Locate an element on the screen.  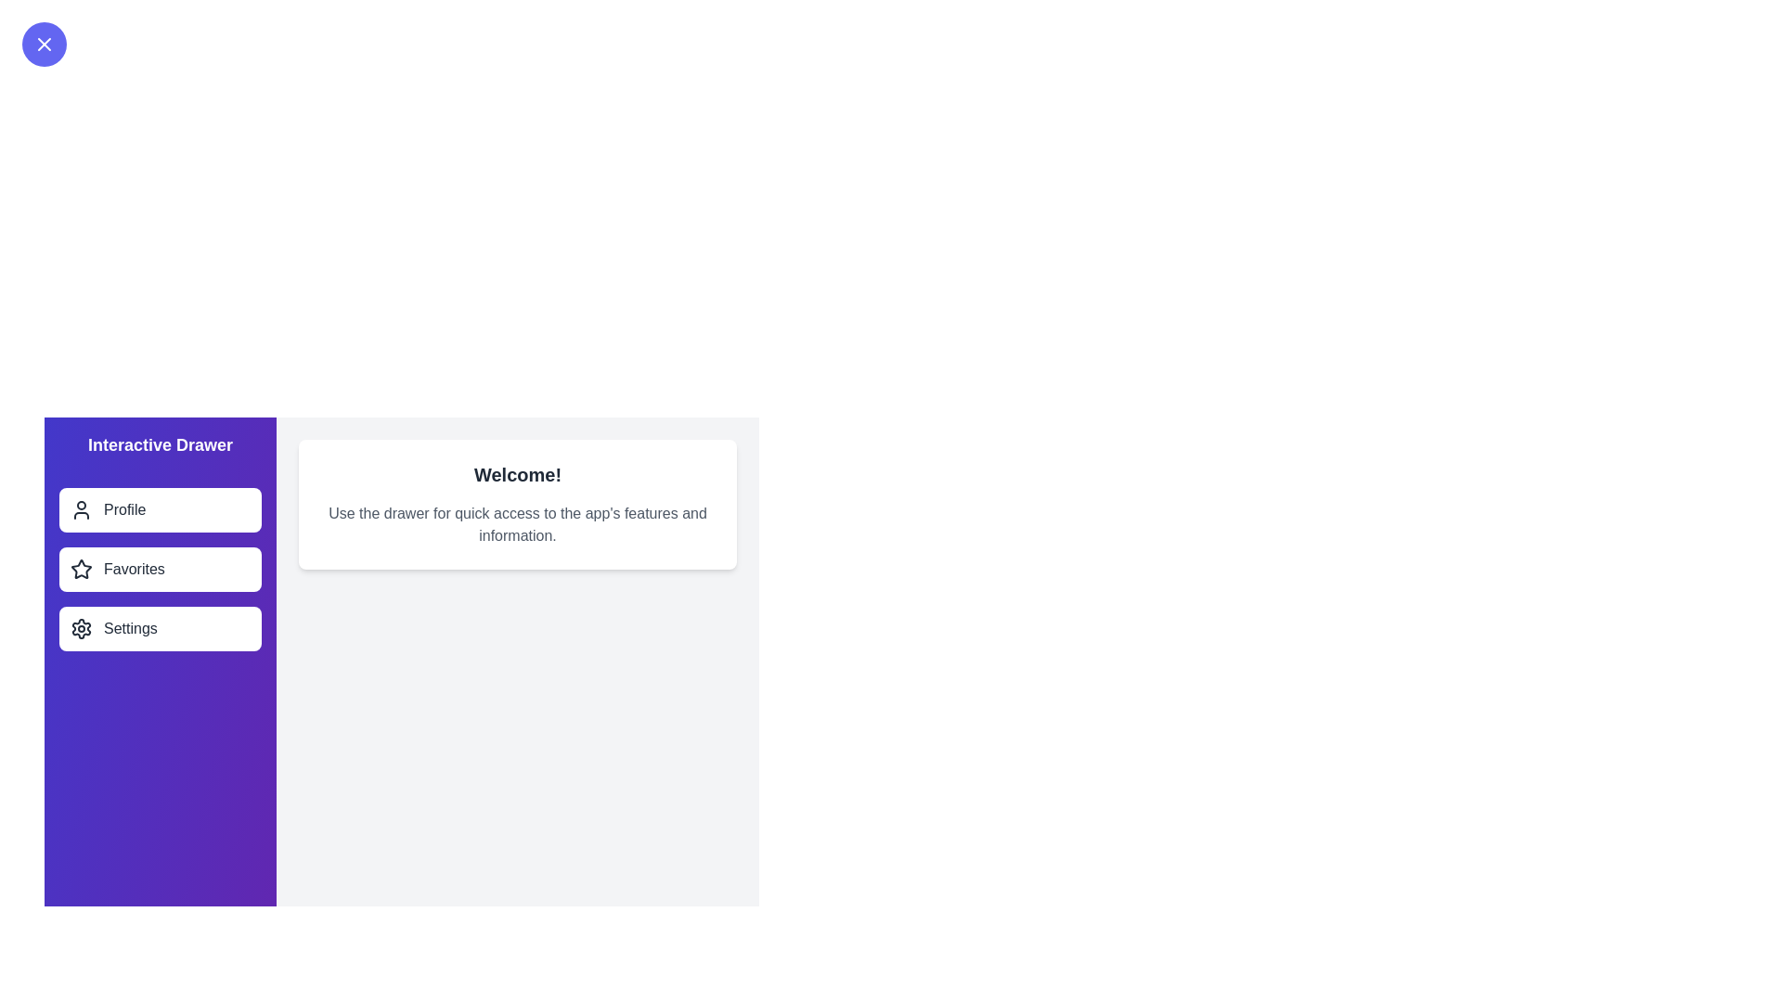
the toggle button in the top-left corner to toggle the drawer's open or closed state is located at coordinates (45, 43).